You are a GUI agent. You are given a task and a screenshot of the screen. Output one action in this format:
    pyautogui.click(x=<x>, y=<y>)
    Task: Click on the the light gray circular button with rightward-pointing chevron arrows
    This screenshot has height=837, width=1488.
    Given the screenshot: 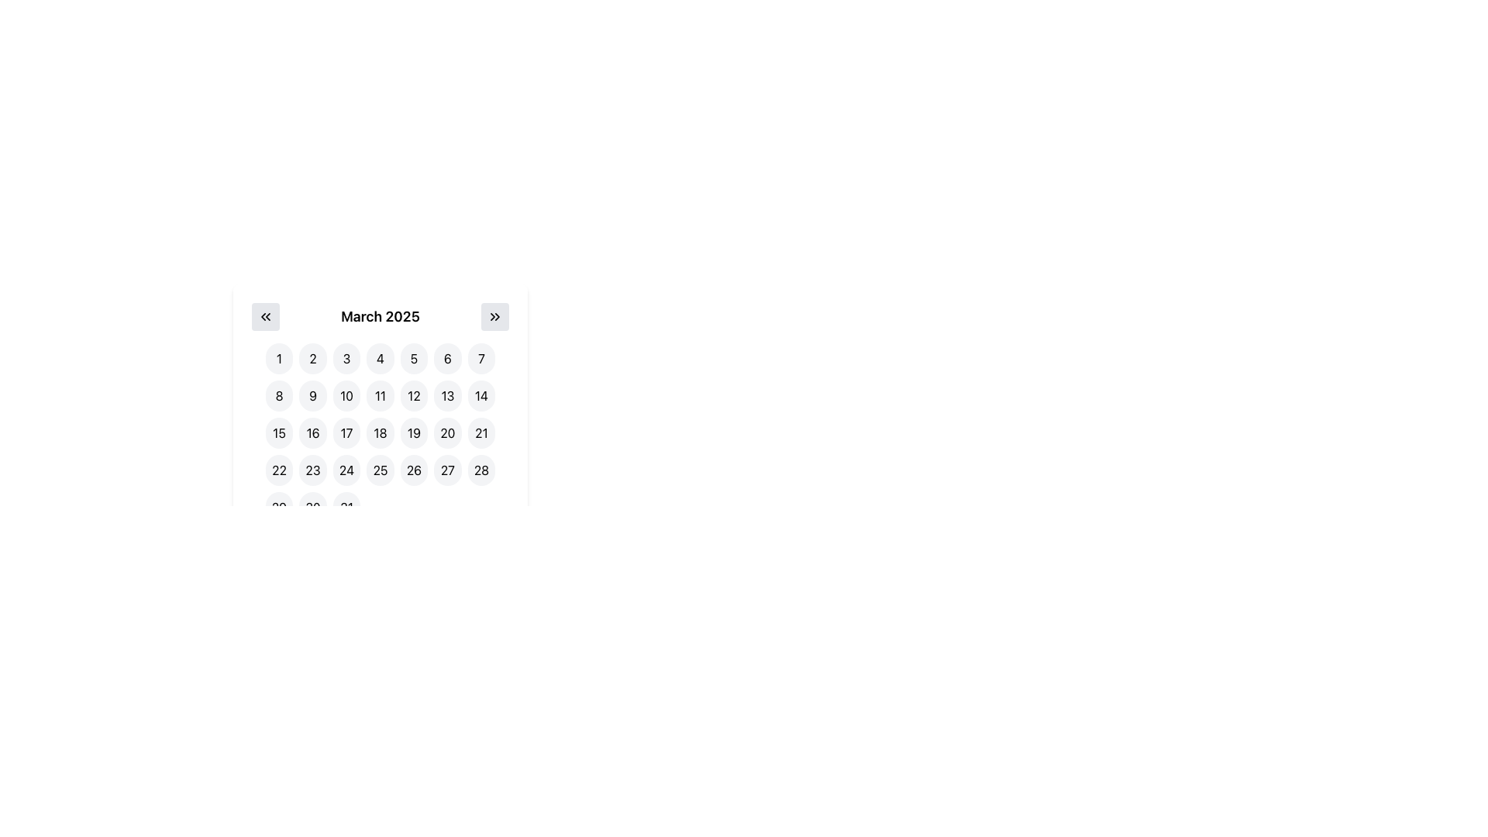 What is the action you would take?
    pyautogui.click(x=494, y=315)
    